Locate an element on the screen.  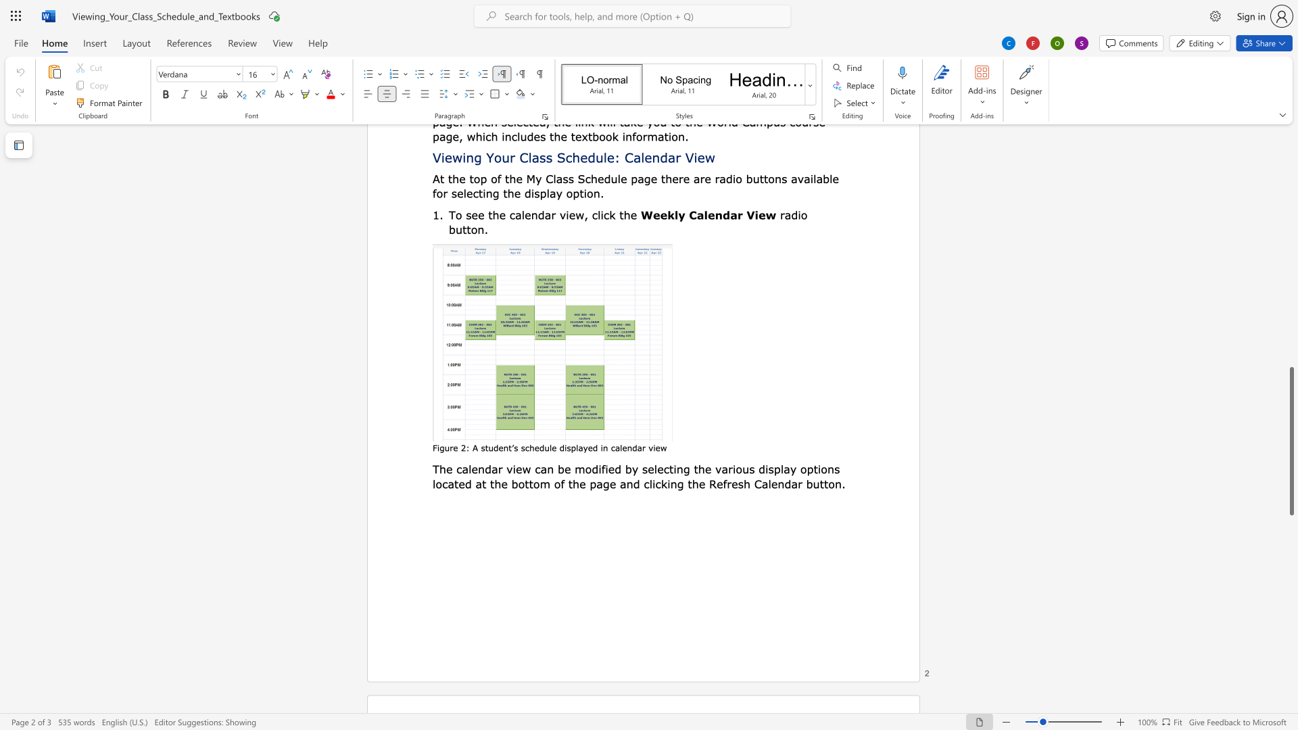
the scrollbar to move the page upward is located at coordinates (1291, 209).